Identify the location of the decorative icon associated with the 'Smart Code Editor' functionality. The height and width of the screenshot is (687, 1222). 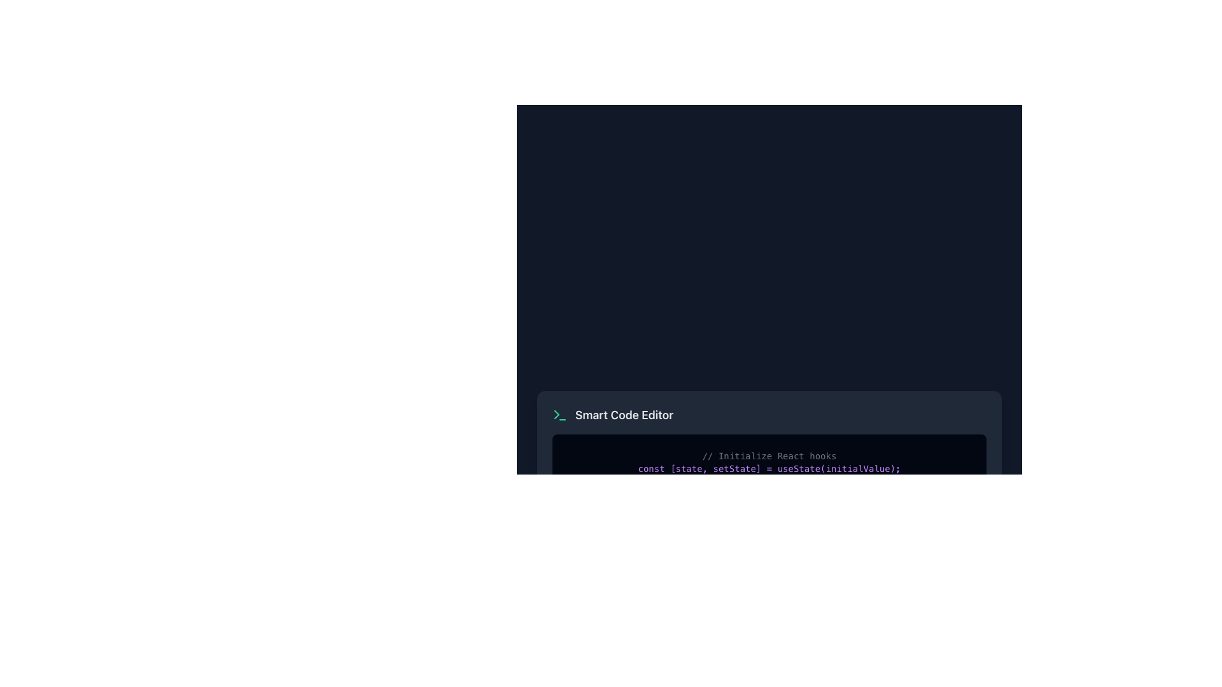
(559, 415).